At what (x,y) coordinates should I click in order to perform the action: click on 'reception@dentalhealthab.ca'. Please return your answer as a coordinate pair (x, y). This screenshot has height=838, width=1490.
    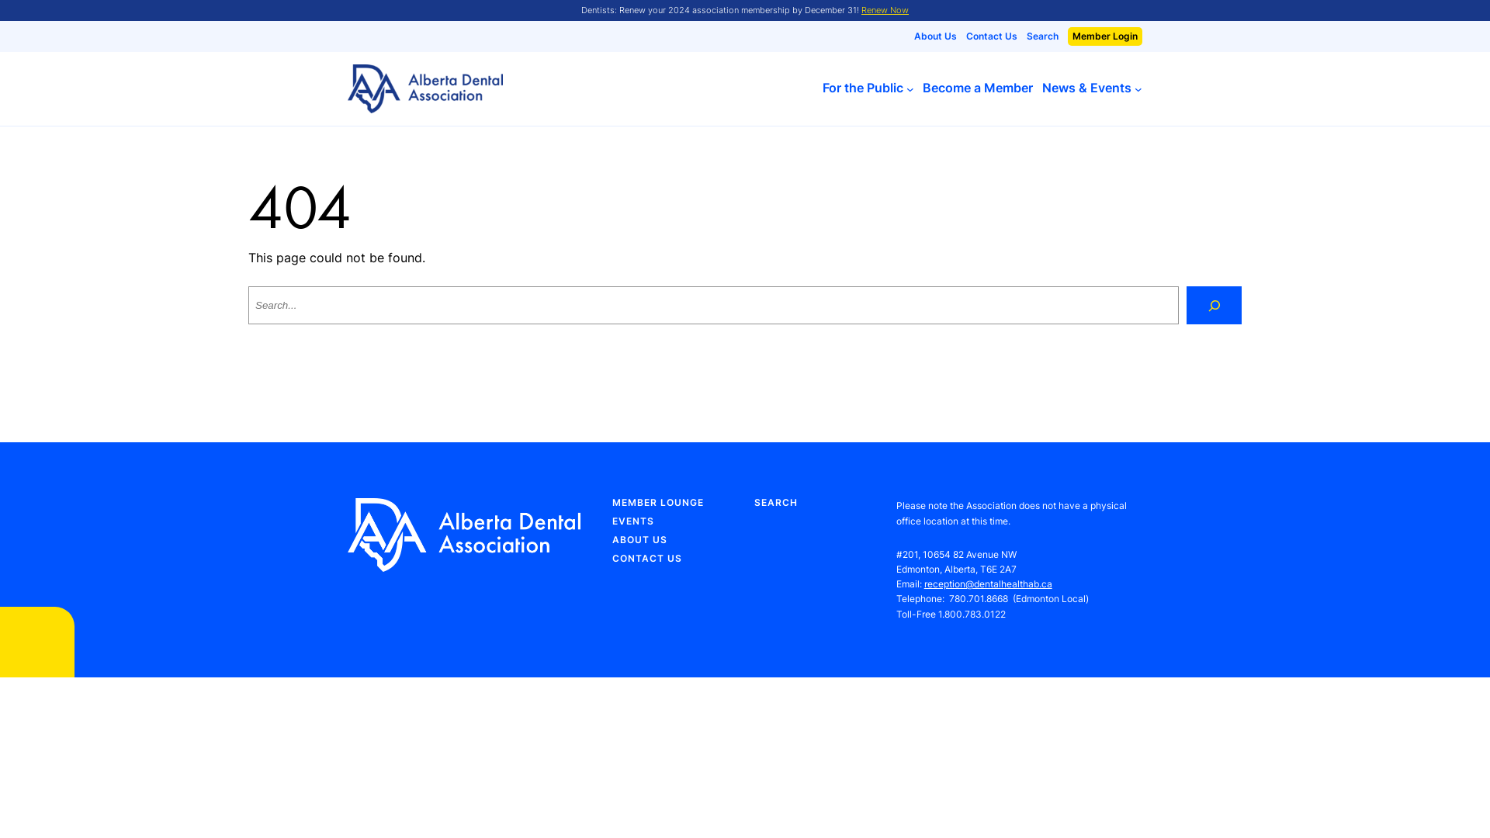
    Looking at the image, I should click on (987, 583).